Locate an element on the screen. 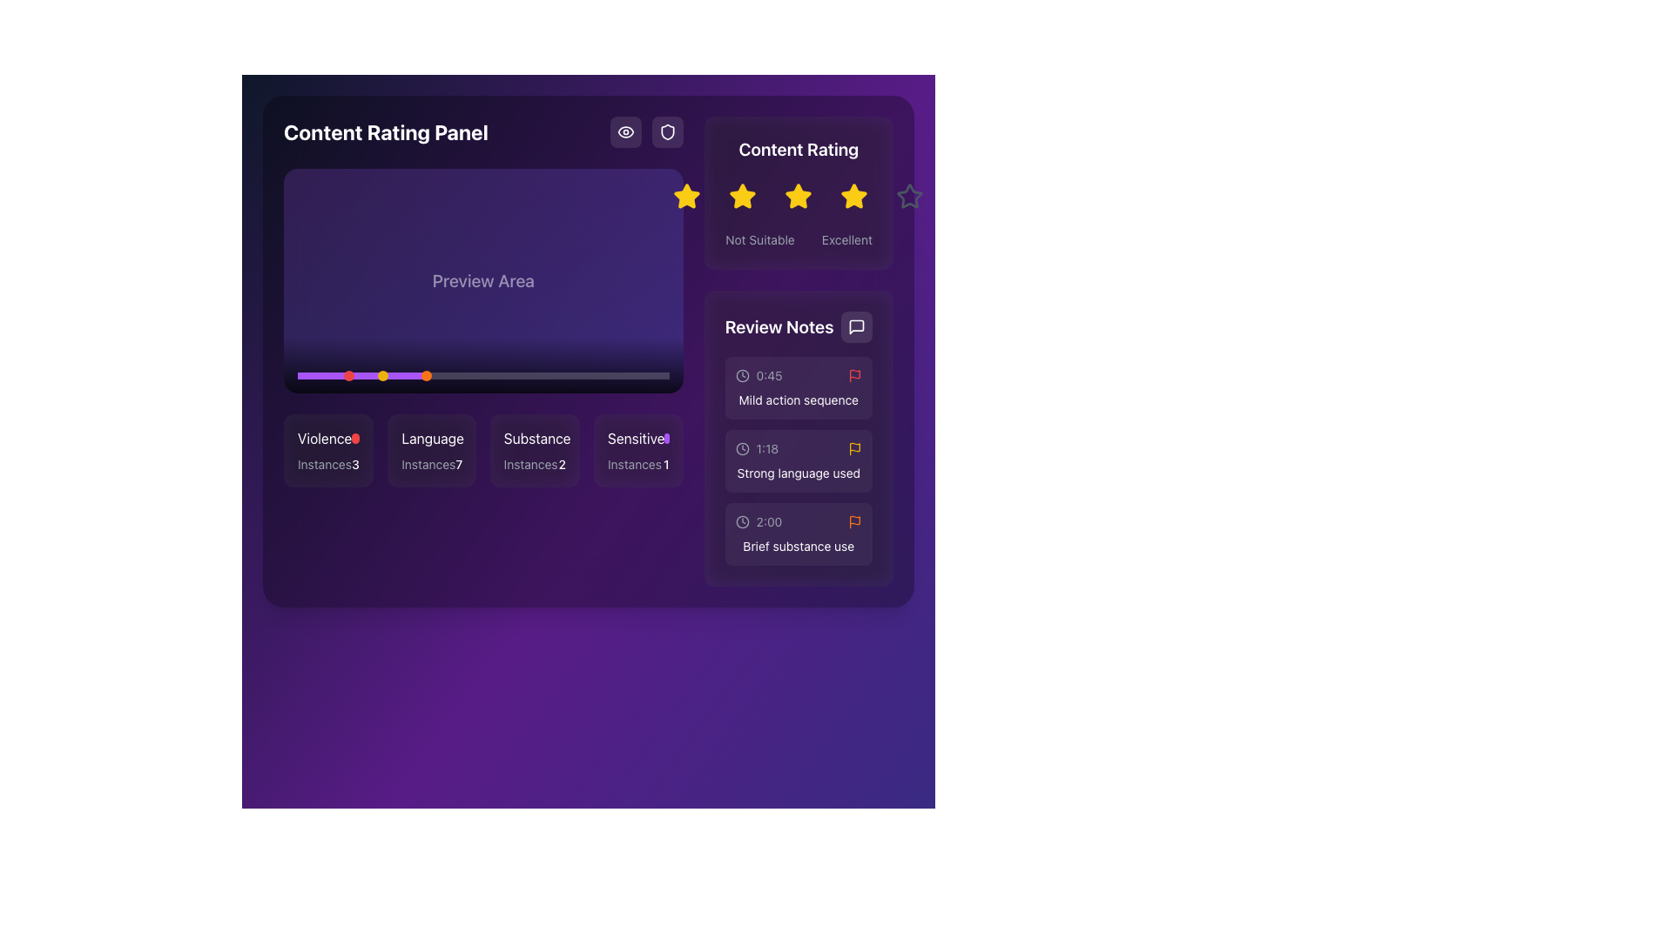 The image size is (1672, 940). the timestamp label for 'Brief substance use' located is located at coordinates (758, 521).